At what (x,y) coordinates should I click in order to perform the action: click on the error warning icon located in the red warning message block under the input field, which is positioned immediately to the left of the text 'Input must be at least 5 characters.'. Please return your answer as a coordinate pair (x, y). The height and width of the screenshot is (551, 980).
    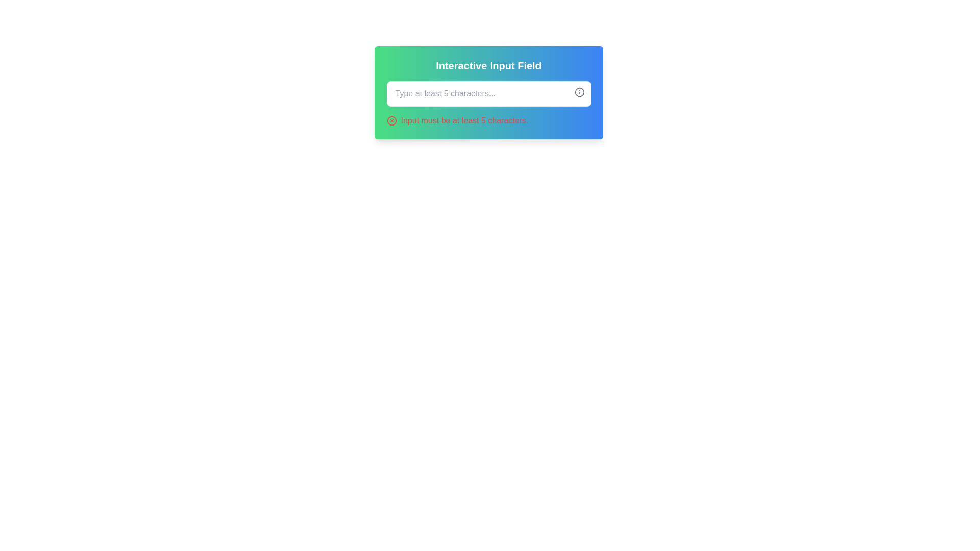
    Looking at the image, I should click on (391, 120).